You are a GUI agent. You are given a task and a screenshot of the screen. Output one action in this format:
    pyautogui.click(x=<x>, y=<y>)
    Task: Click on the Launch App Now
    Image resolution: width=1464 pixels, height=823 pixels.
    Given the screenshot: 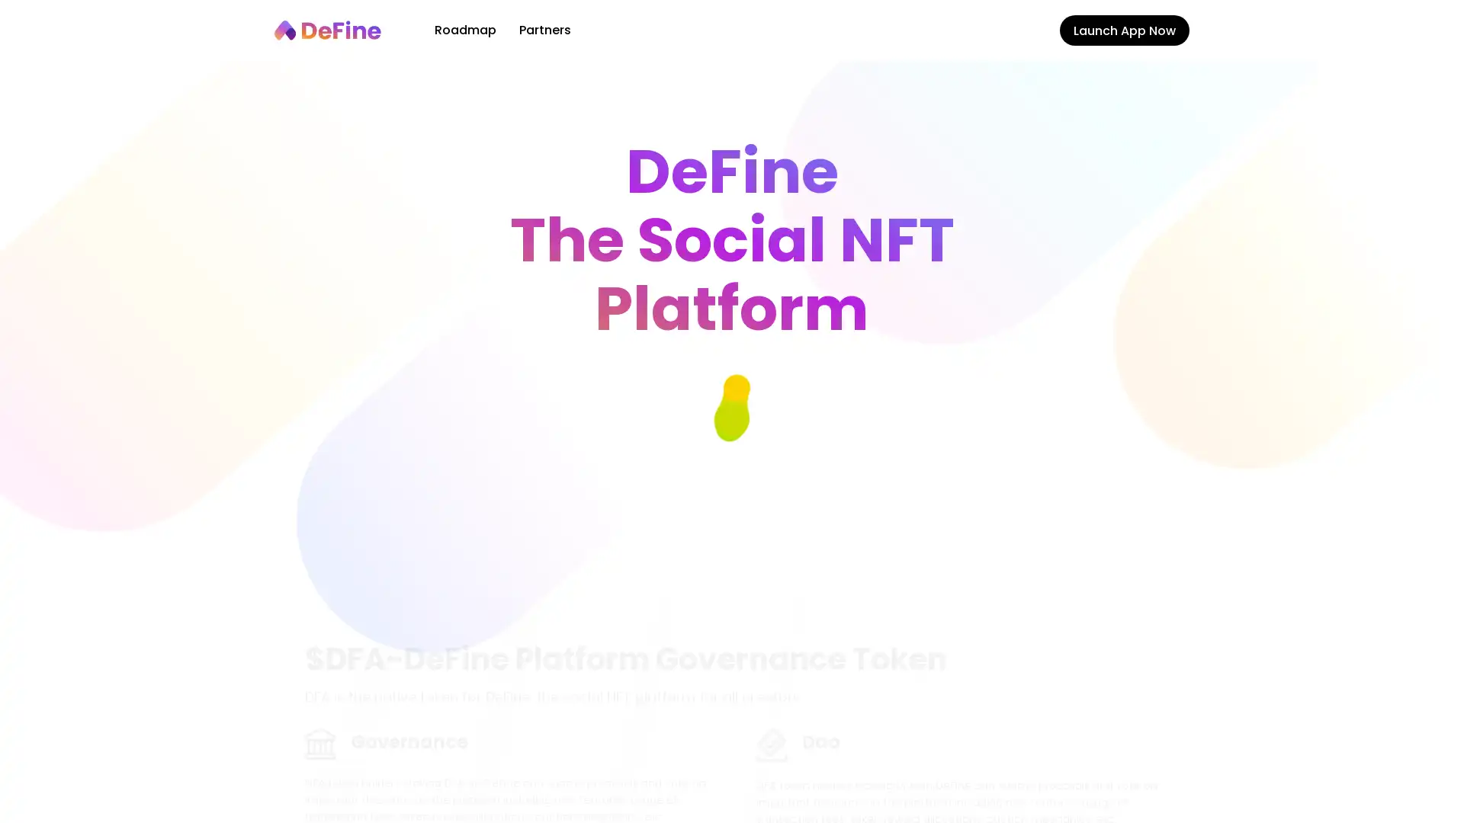 What is the action you would take?
    pyautogui.click(x=1124, y=30)
    